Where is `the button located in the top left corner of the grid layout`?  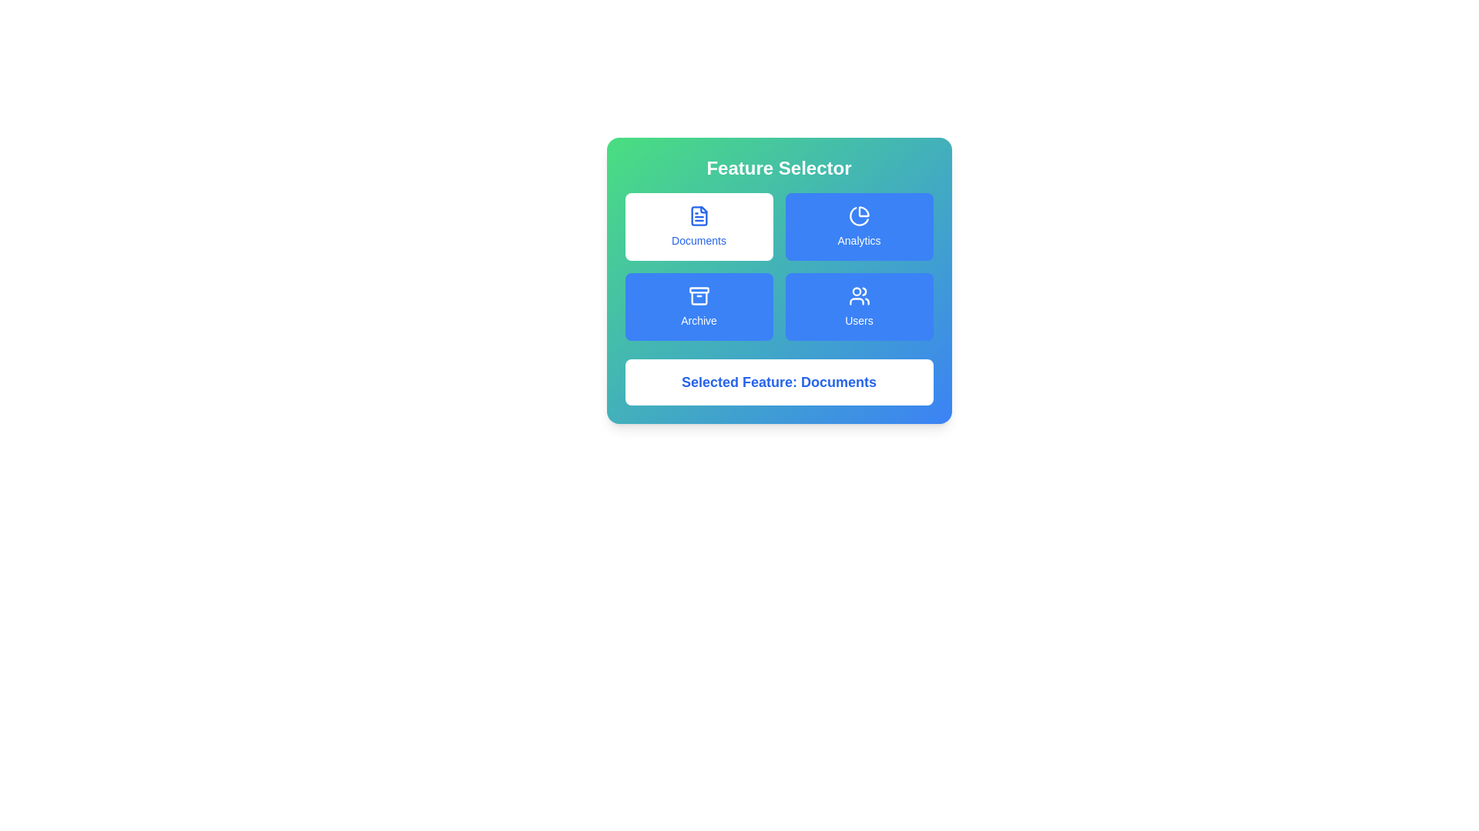
the button located in the top left corner of the grid layout is located at coordinates (698, 226).